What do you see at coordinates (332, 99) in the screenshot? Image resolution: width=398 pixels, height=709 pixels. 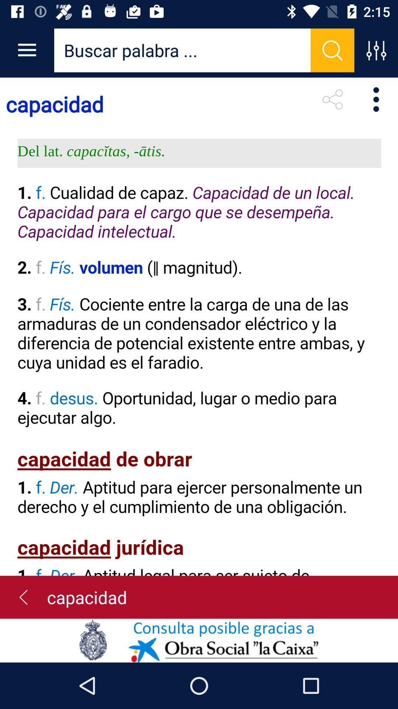 I see `the share icon` at bounding box center [332, 99].